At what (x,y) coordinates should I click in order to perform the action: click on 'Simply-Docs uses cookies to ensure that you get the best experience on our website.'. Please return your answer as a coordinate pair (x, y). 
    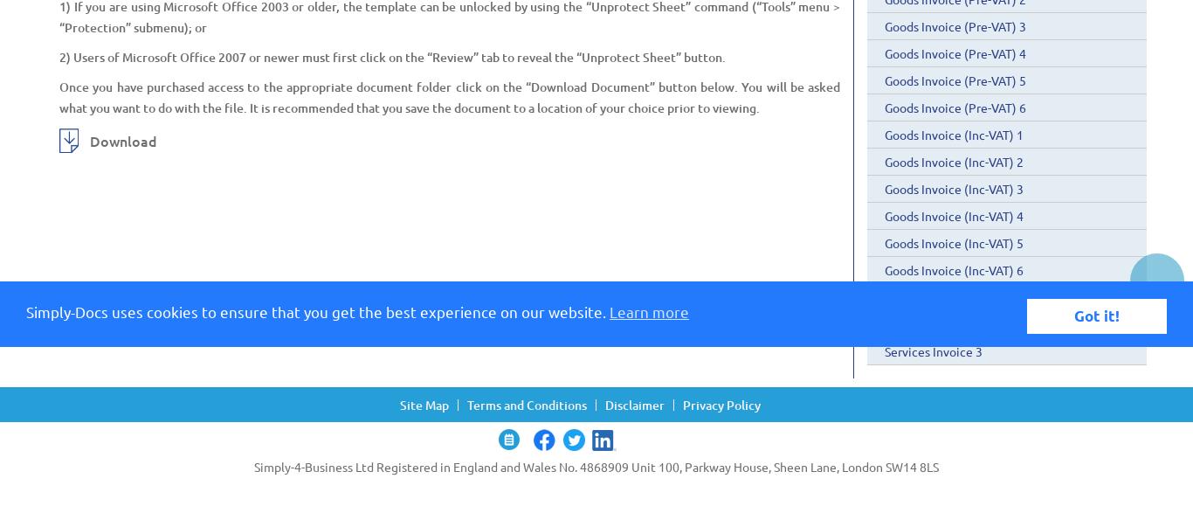
    Looking at the image, I should click on (26, 310).